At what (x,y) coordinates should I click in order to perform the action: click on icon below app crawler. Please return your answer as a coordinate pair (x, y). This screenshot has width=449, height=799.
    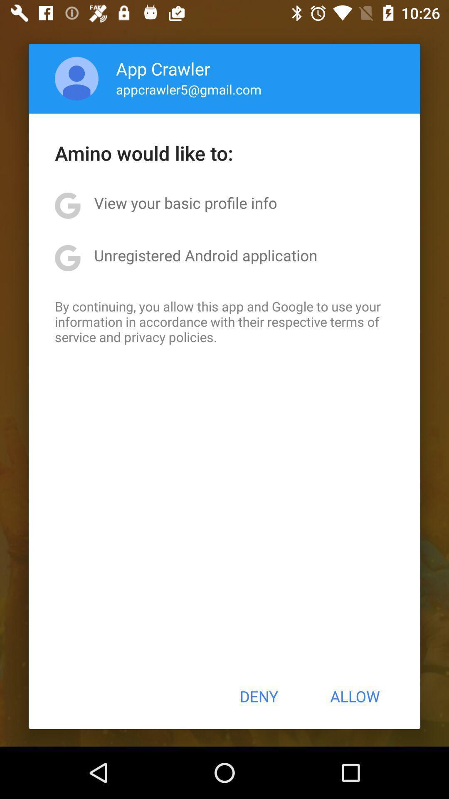
    Looking at the image, I should click on (189, 89).